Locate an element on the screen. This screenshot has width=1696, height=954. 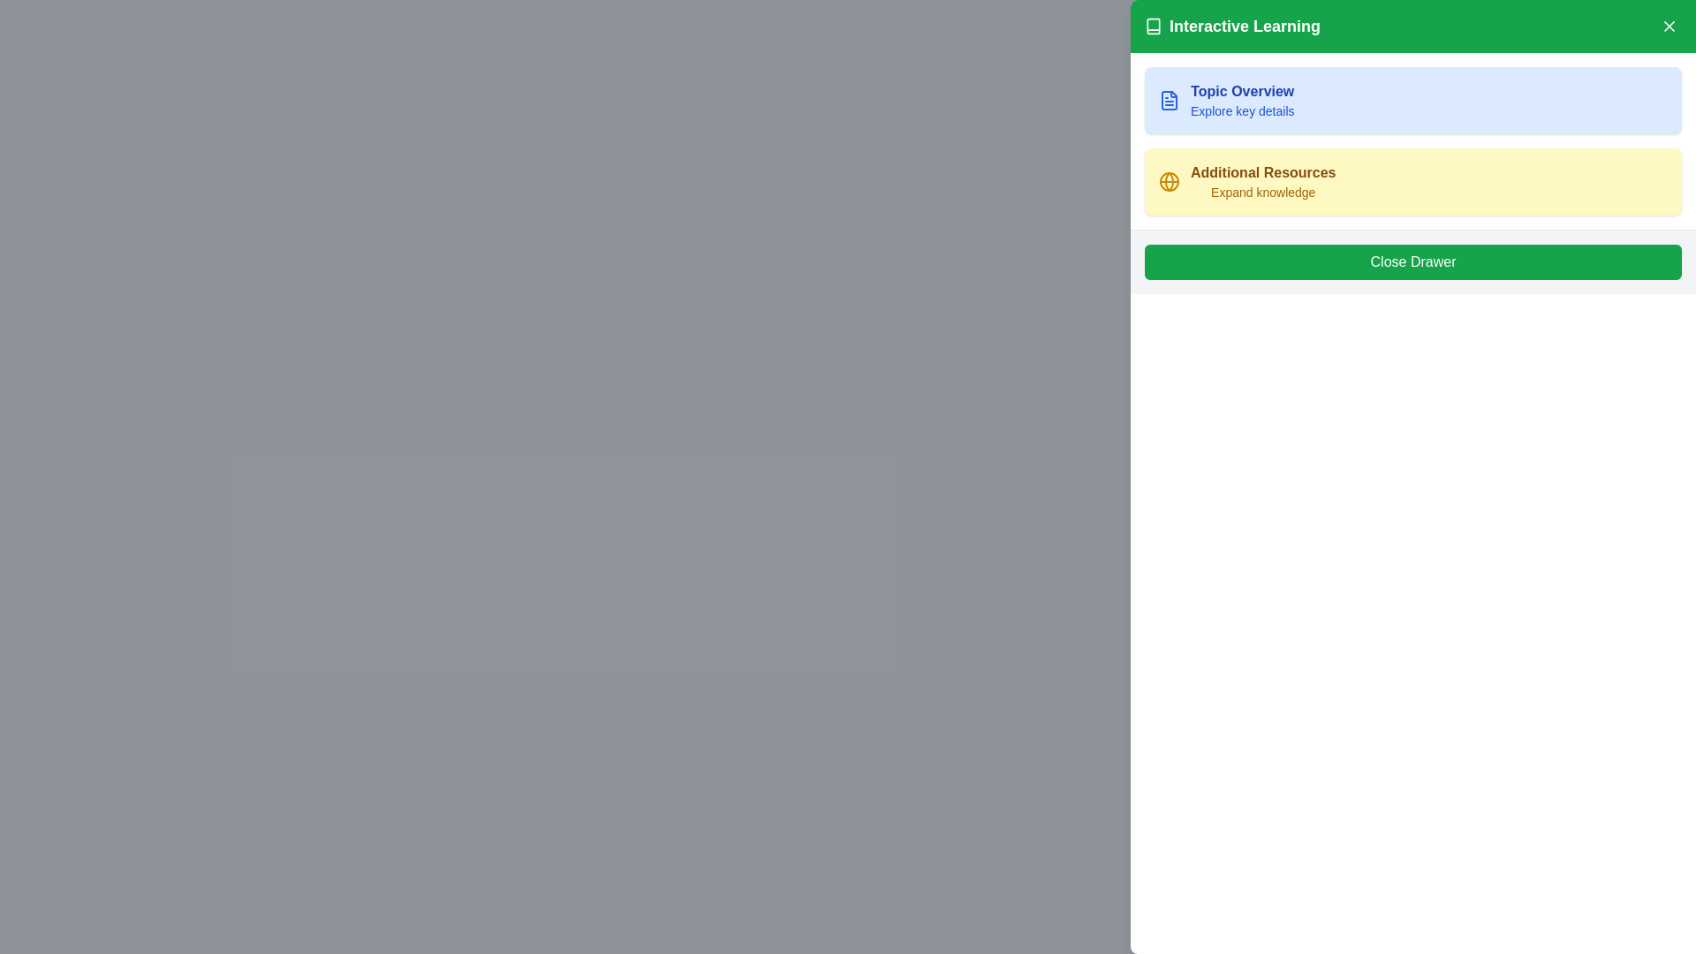
the small square button with a white outlined 'X' icon in the top-right corner of the 'Interactive Learning' header is located at coordinates (1669, 26).